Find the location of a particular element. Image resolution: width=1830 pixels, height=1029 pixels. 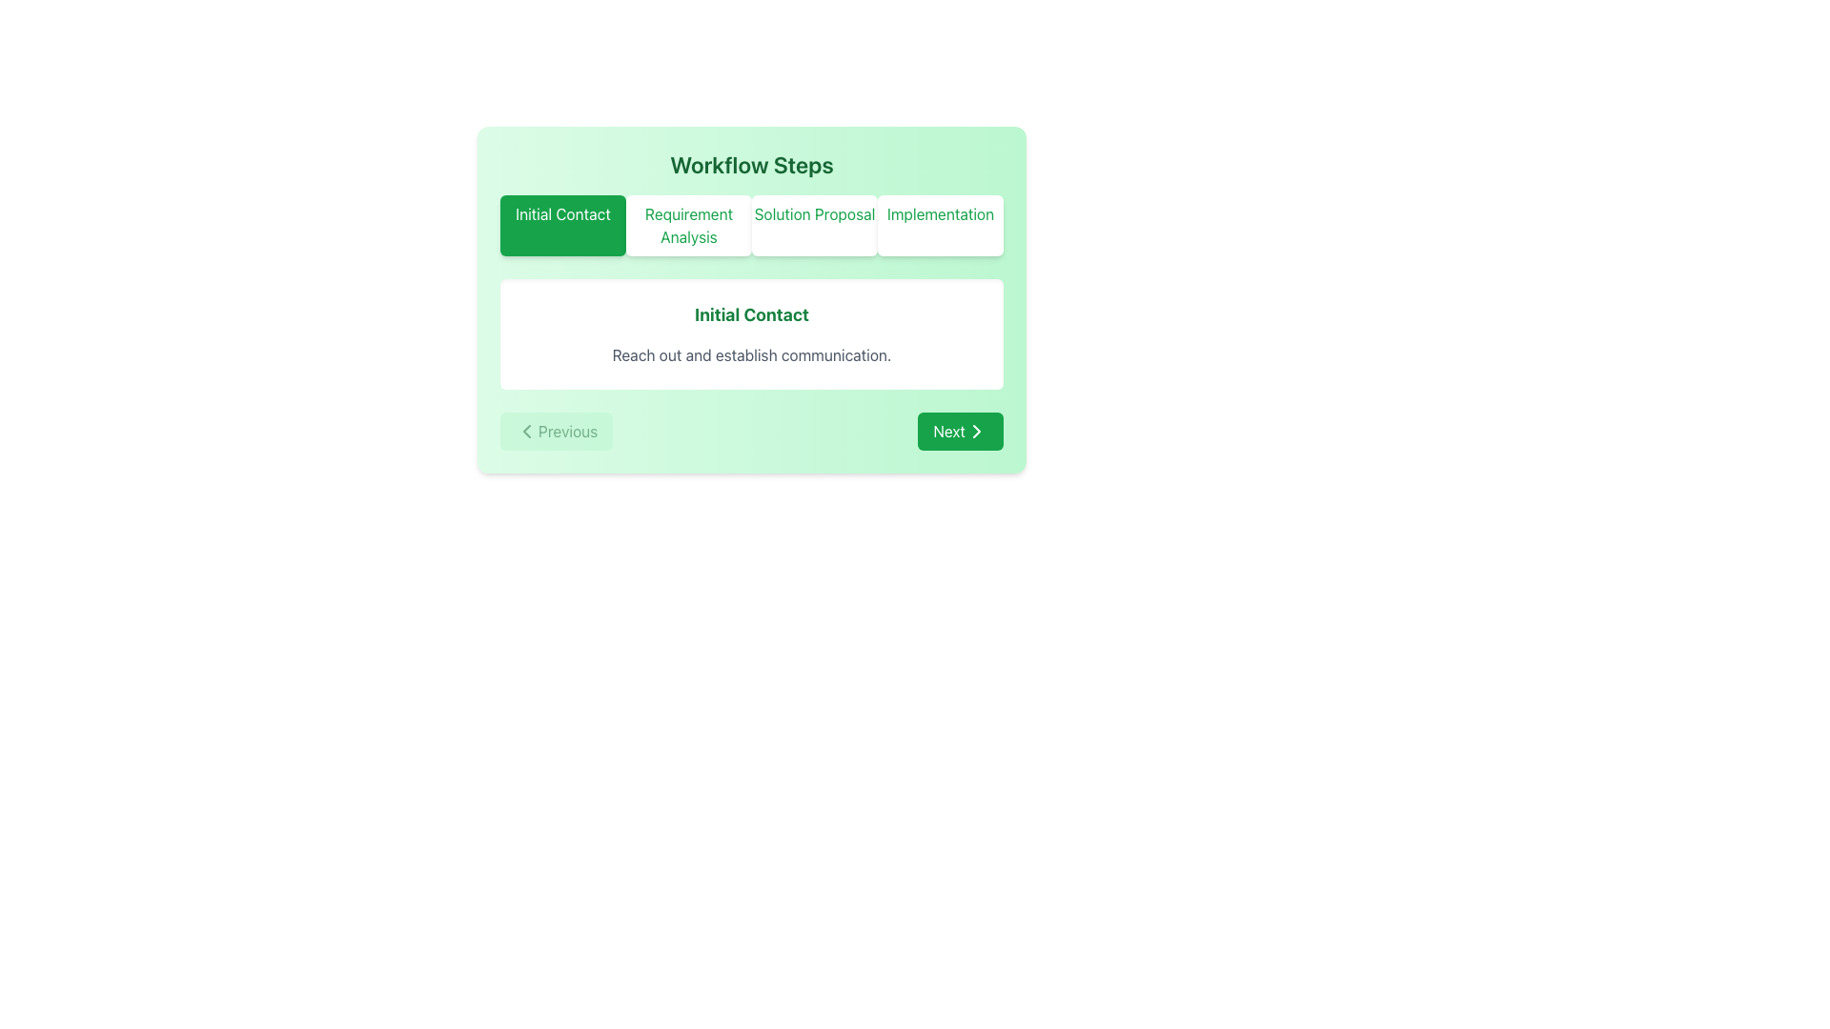

the green button labeled 'Initial Contact' with rounded corners and white bold text, which is the first in a sequence of four buttons is located at coordinates (561, 224).